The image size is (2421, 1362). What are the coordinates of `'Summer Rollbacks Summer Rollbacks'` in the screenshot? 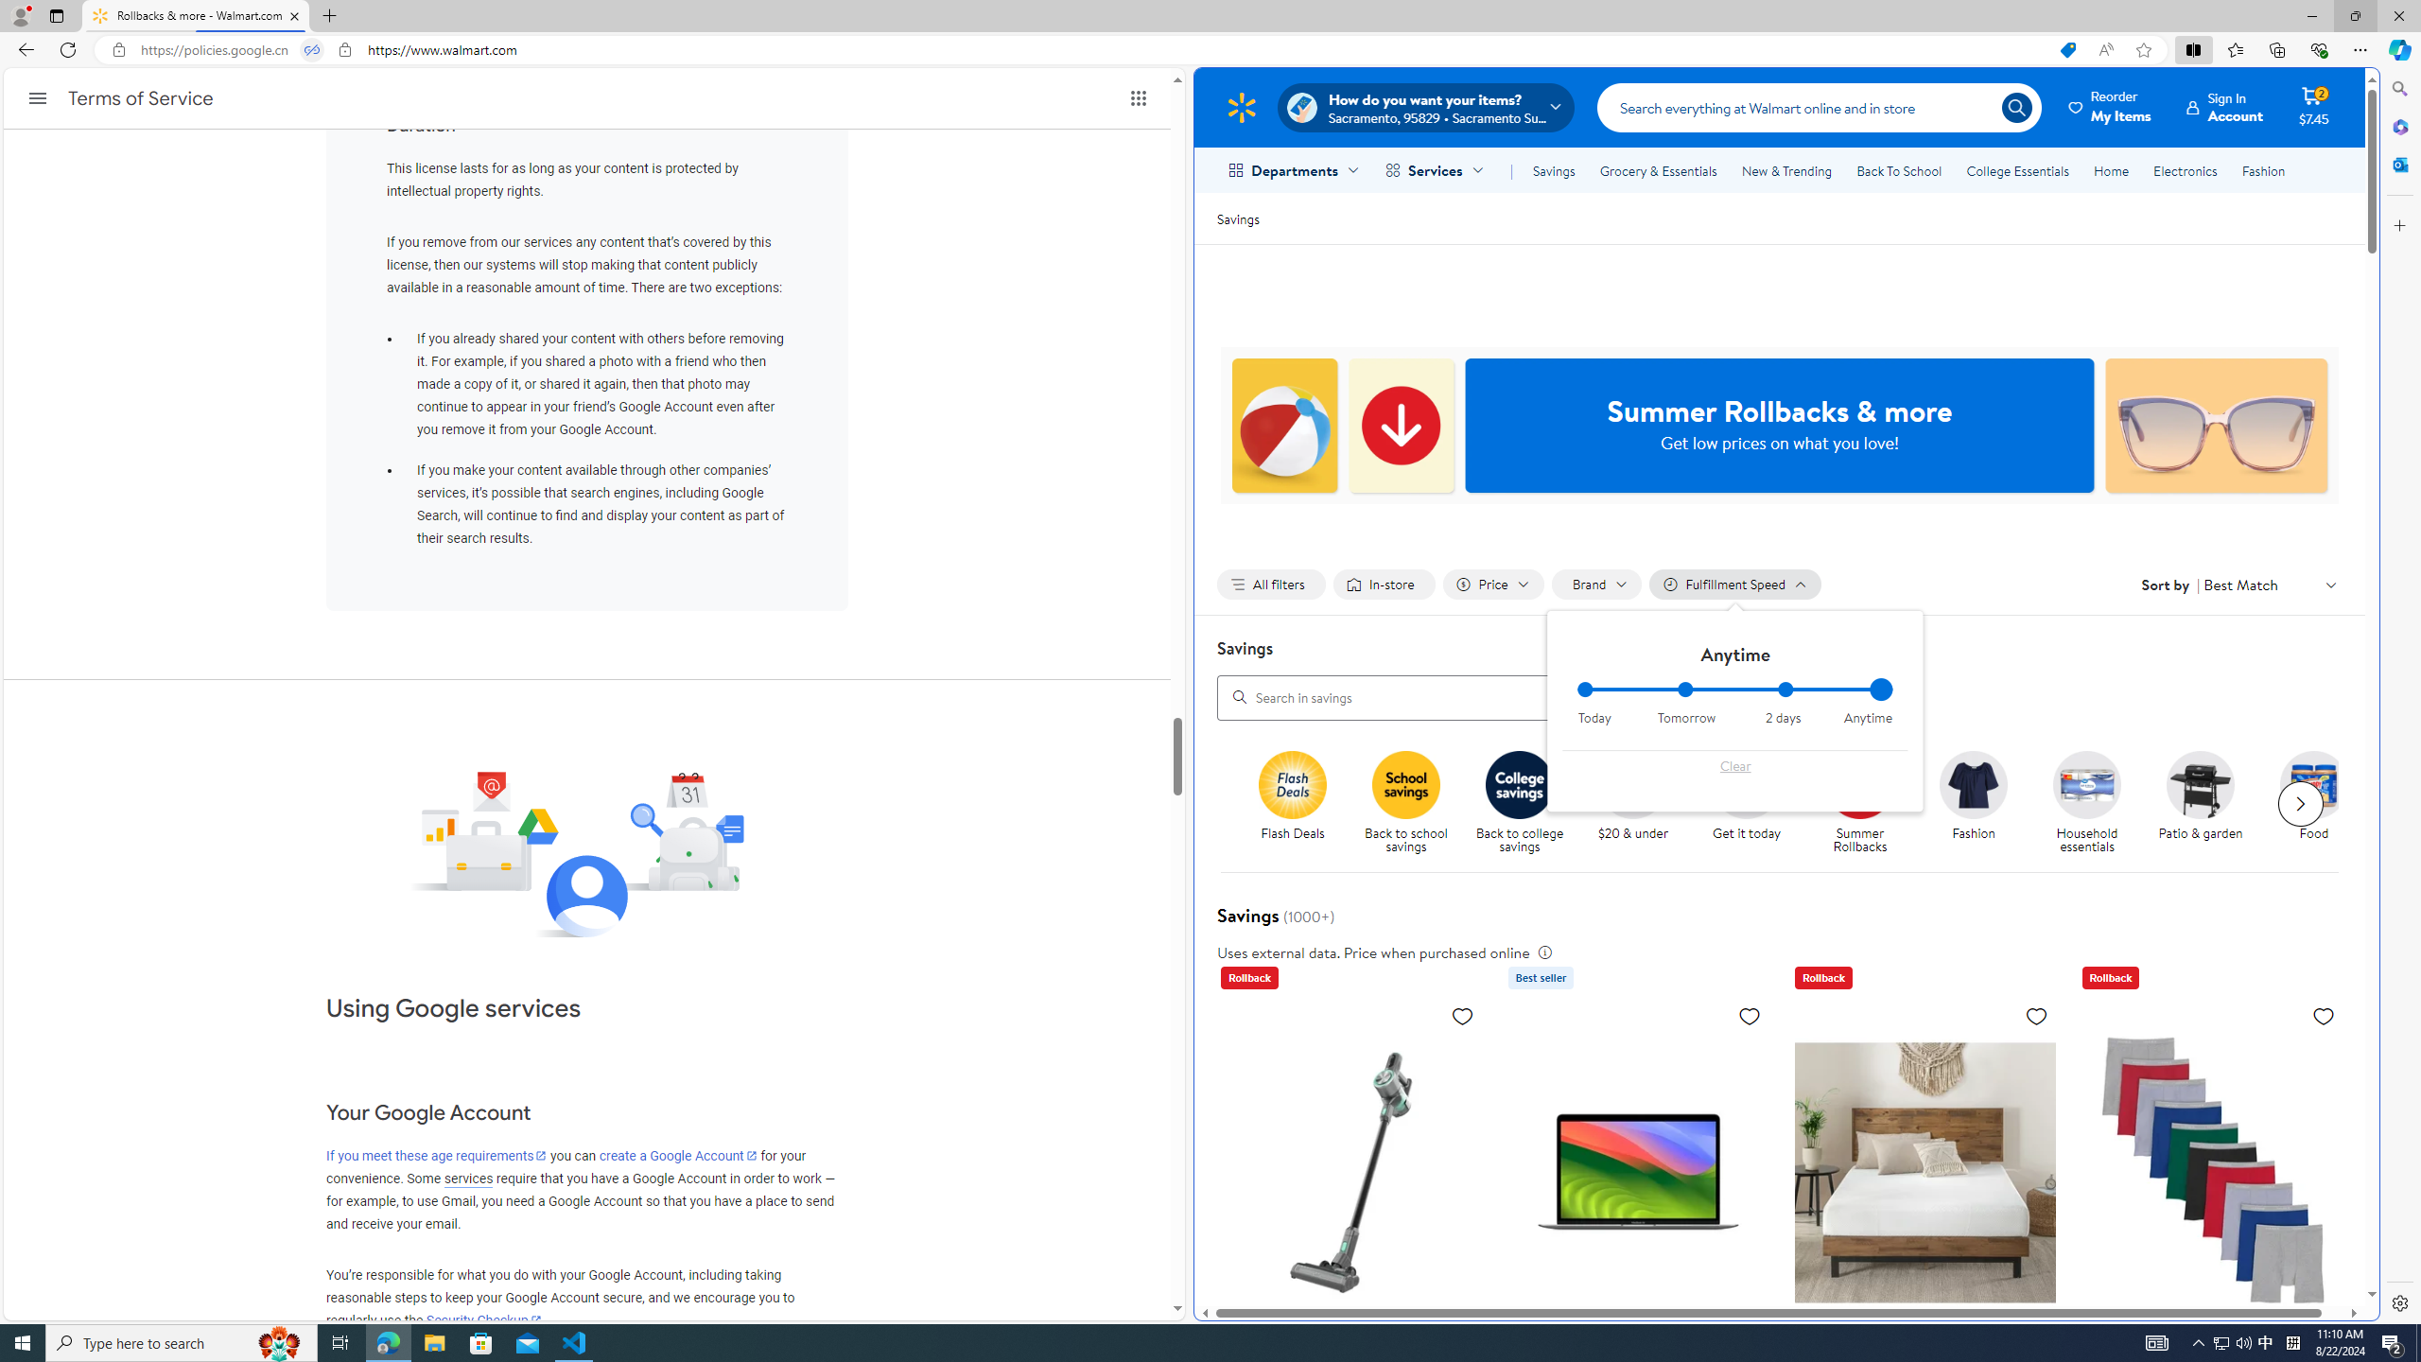 It's located at (1859, 803).